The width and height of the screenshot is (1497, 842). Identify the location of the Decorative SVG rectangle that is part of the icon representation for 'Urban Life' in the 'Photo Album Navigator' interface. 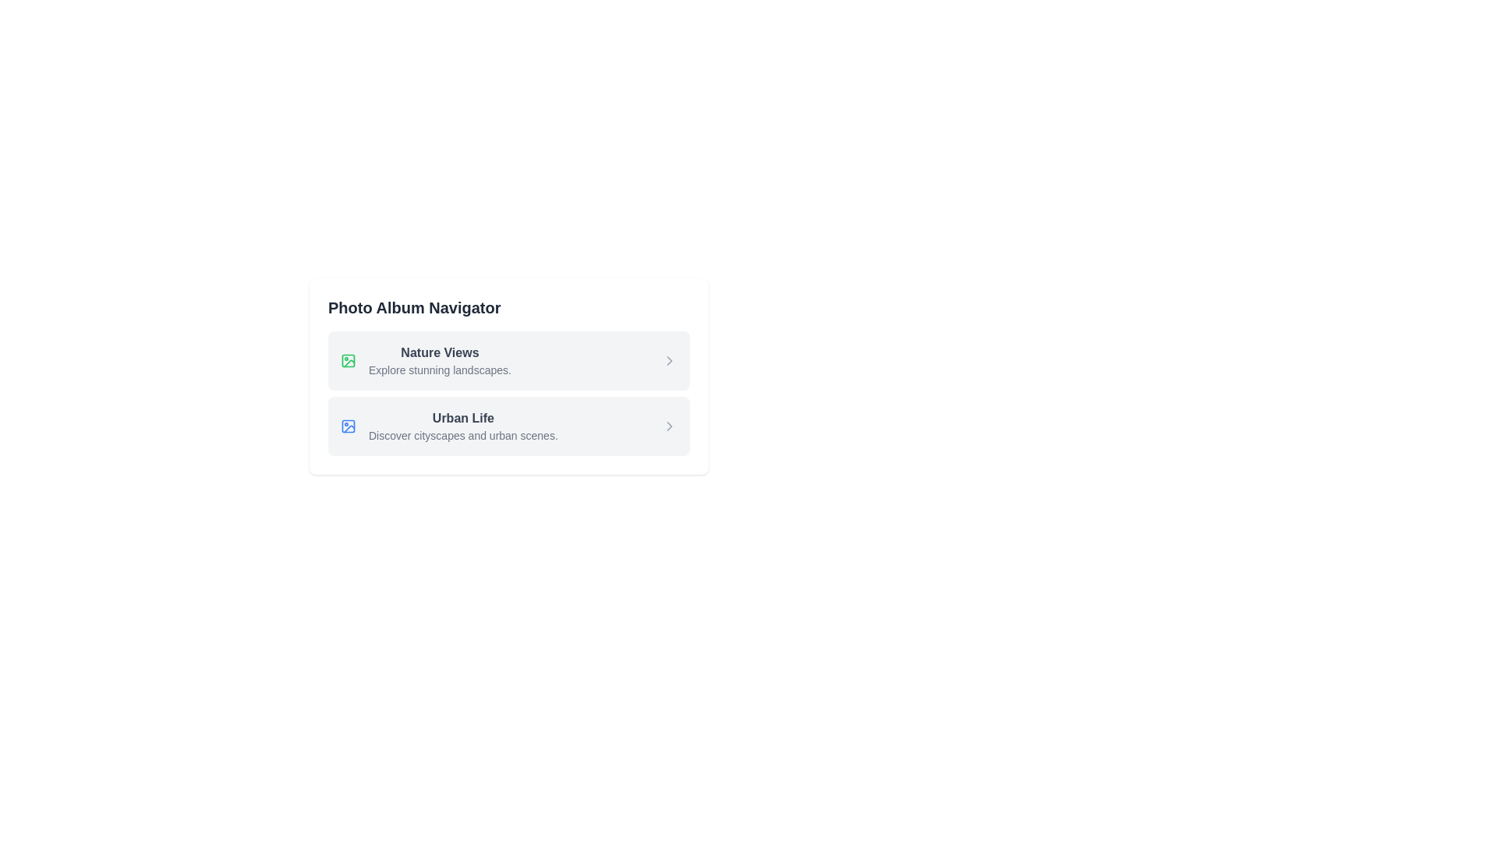
(347, 360).